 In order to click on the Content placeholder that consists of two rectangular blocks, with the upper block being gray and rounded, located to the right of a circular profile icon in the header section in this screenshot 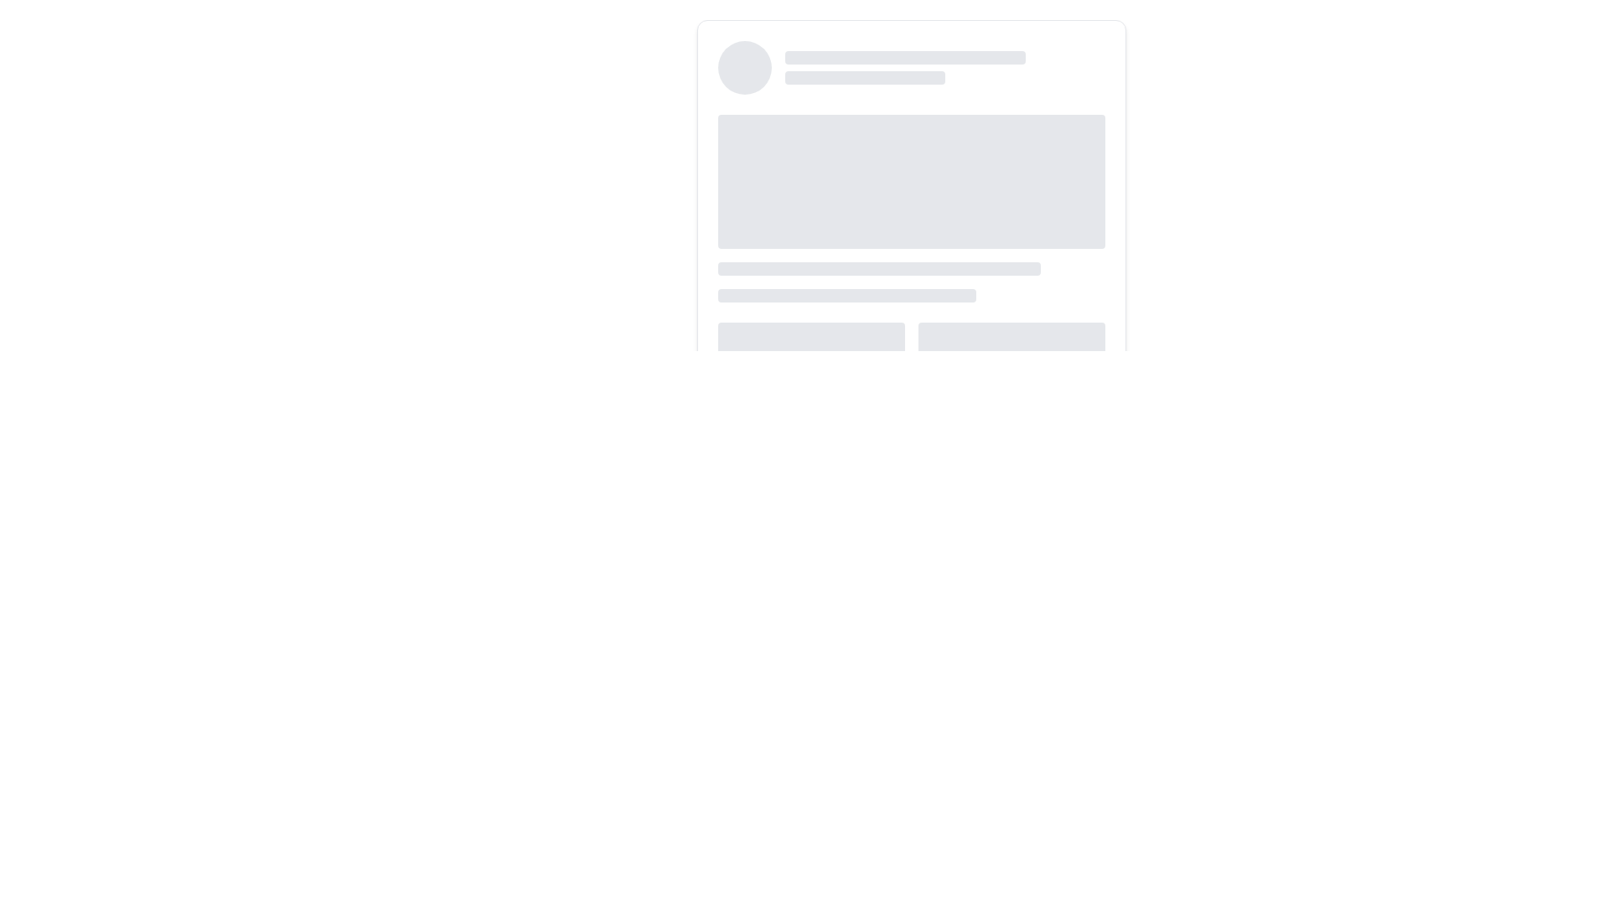, I will do `click(945, 67)`.